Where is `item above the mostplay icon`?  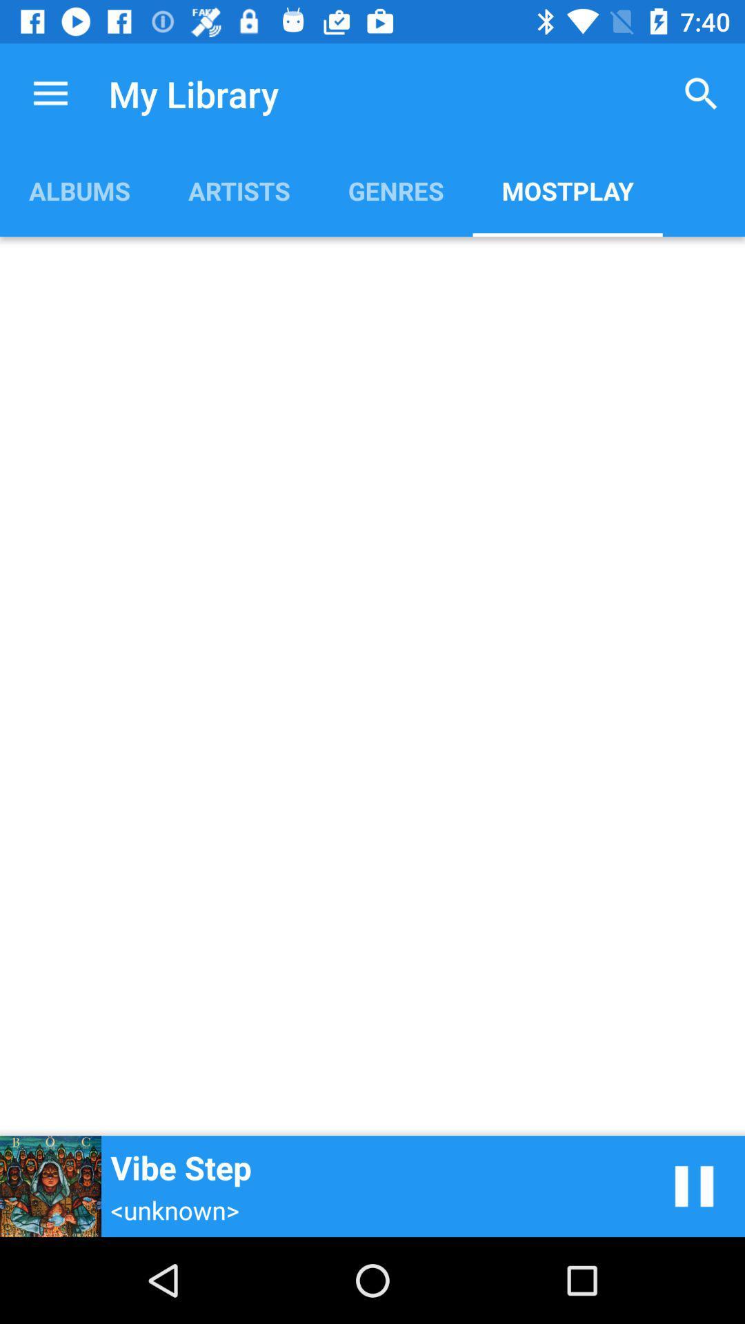
item above the mostplay icon is located at coordinates (702, 93).